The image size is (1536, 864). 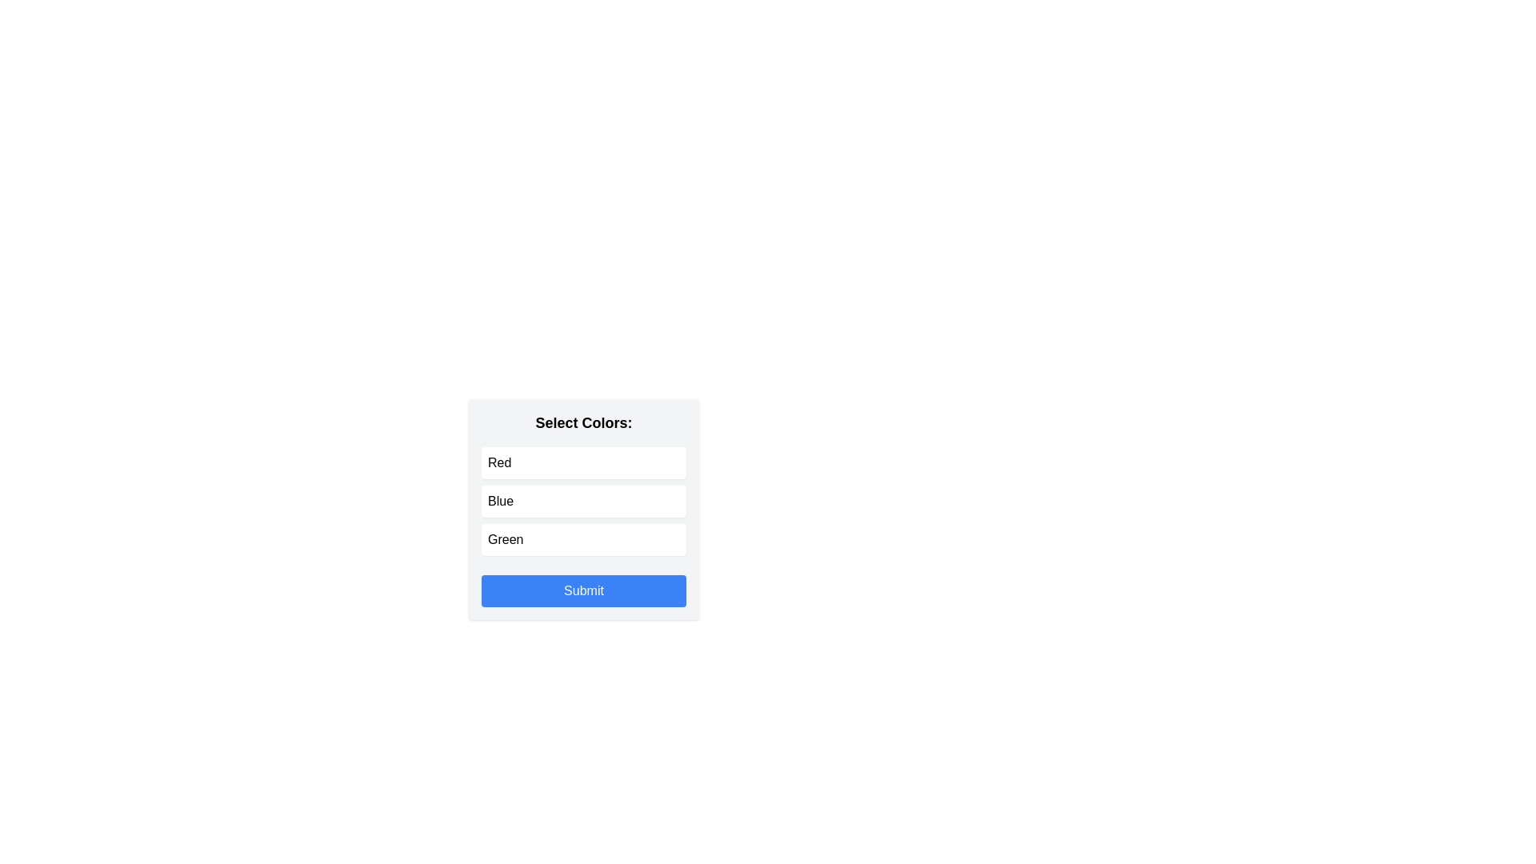 What do you see at coordinates (505, 540) in the screenshot?
I see `the text label reading 'Green' positioned below 'Blue' and above the 'Submit' button in the color selection interface` at bounding box center [505, 540].